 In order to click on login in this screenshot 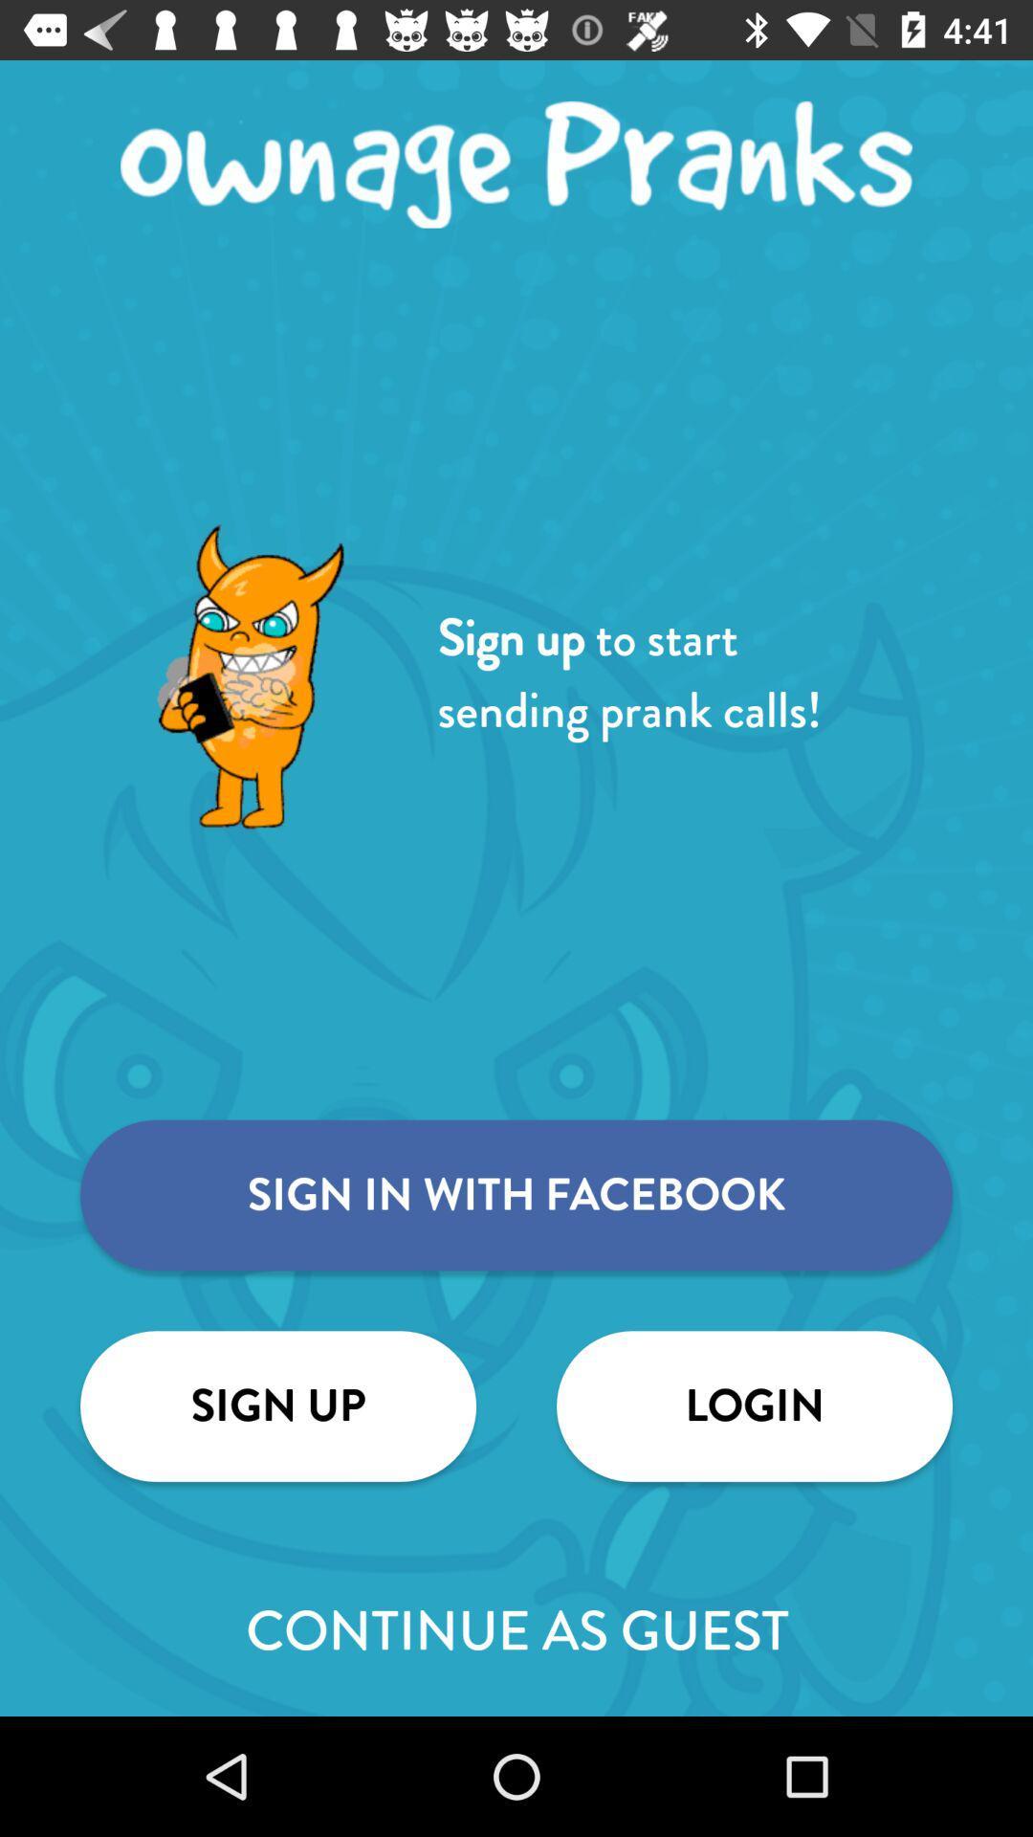, I will do `click(754, 1405)`.